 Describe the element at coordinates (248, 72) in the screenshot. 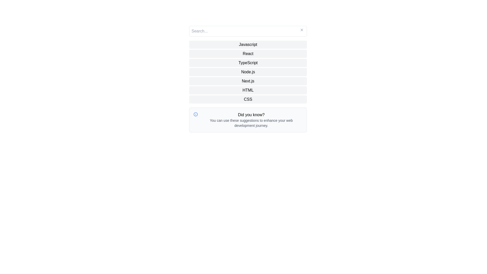

I see `the 'Node.js' label in the vertically aligned list of programming languages and frameworks` at that location.